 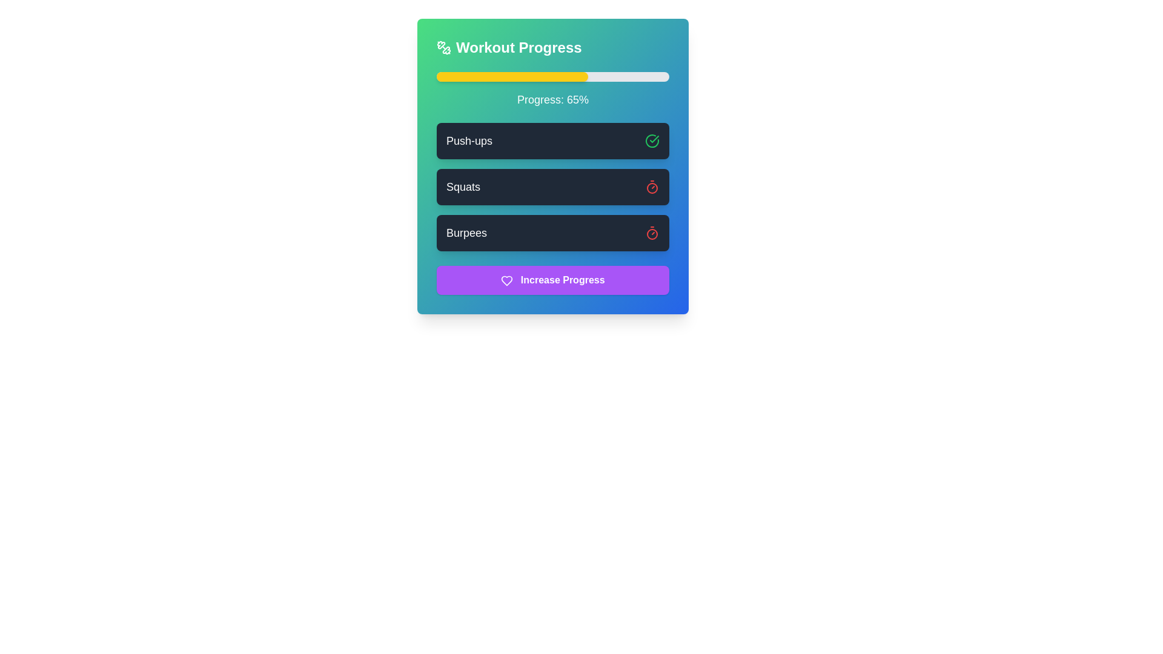 What do you see at coordinates (466, 233) in the screenshot?
I see `the non-interactive text label displaying the name of the exercise 'Burpees', which is the third item in the vertically-aligned list of workout activities` at bounding box center [466, 233].